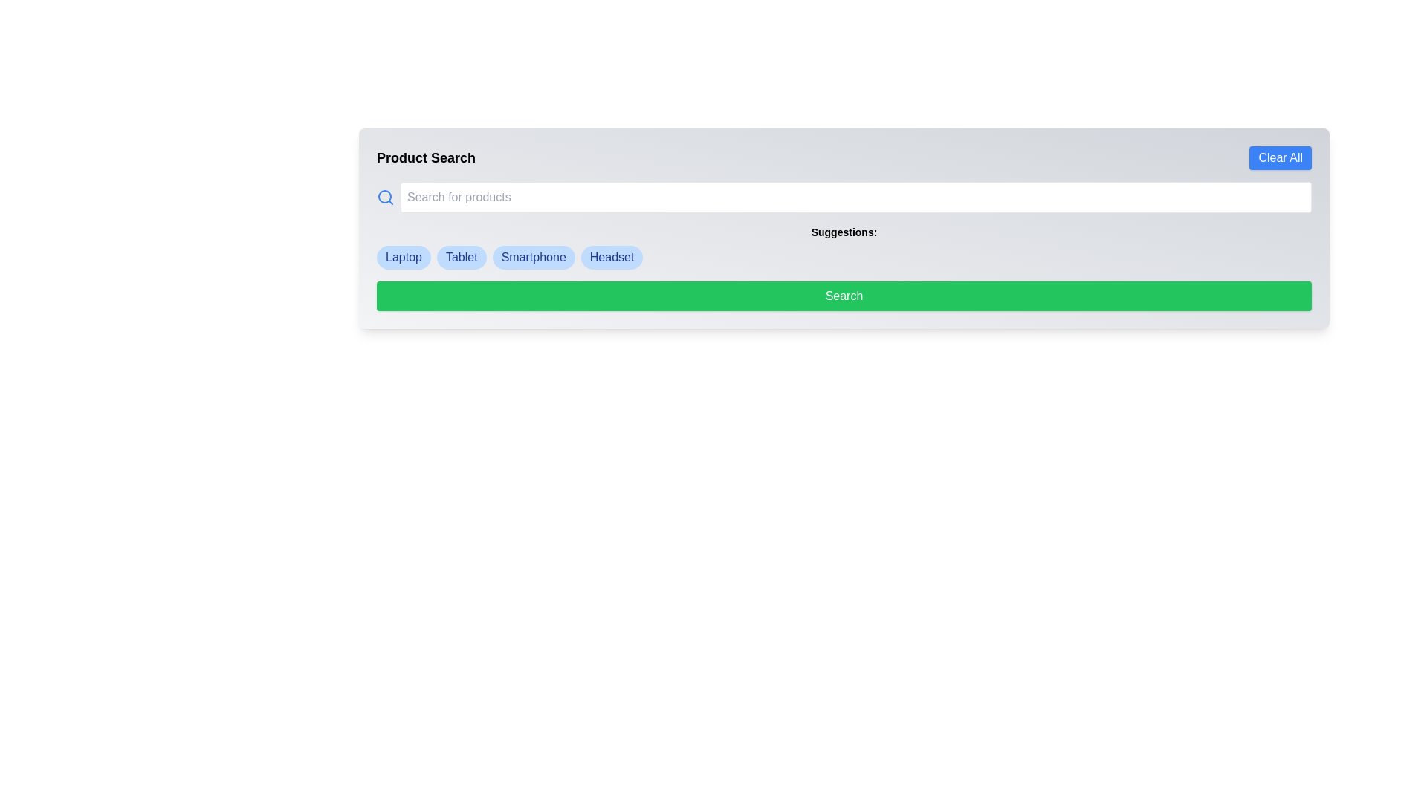  Describe the element at coordinates (461, 257) in the screenshot. I see `the pill-shaped clickable tag with blue background and bold text displaying 'Tablet'` at that location.